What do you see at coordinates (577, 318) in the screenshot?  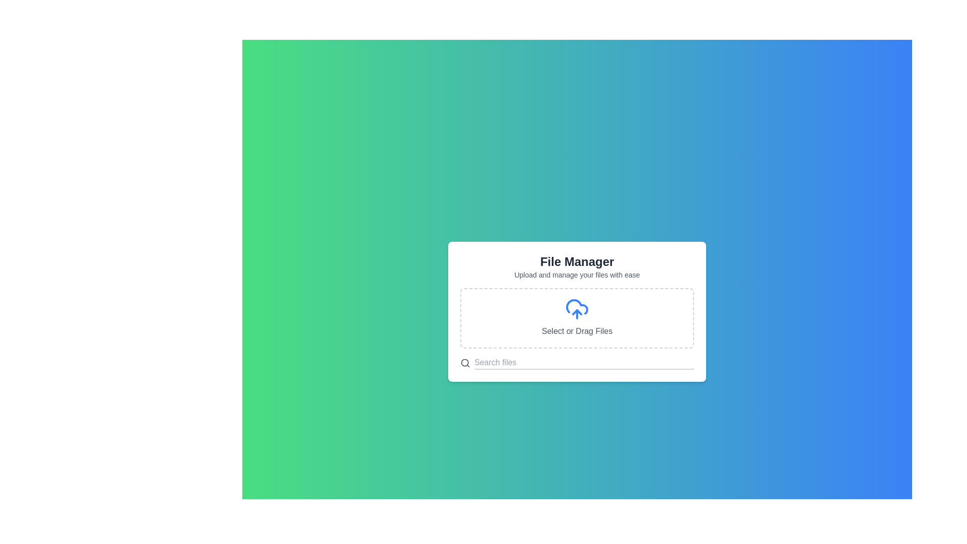 I see `the Interactive file input area located at the center of the 'File Manager' card interface to initiate file selection` at bounding box center [577, 318].